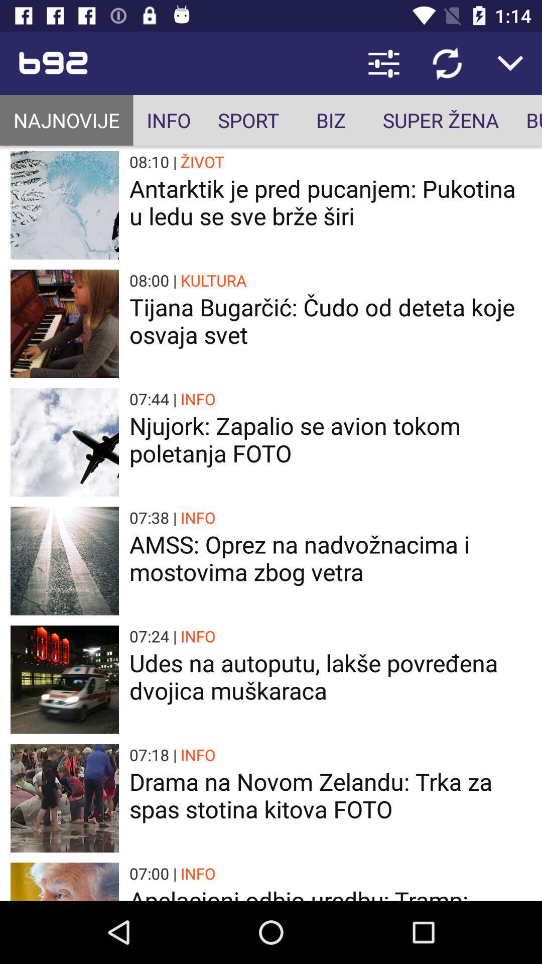 This screenshot has width=542, height=964. What do you see at coordinates (526, 120) in the screenshot?
I see `the bulevar icon` at bounding box center [526, 120].